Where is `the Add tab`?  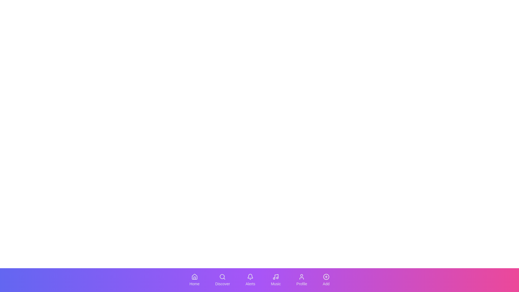
the Add tab is located at coordinates (326, 280).